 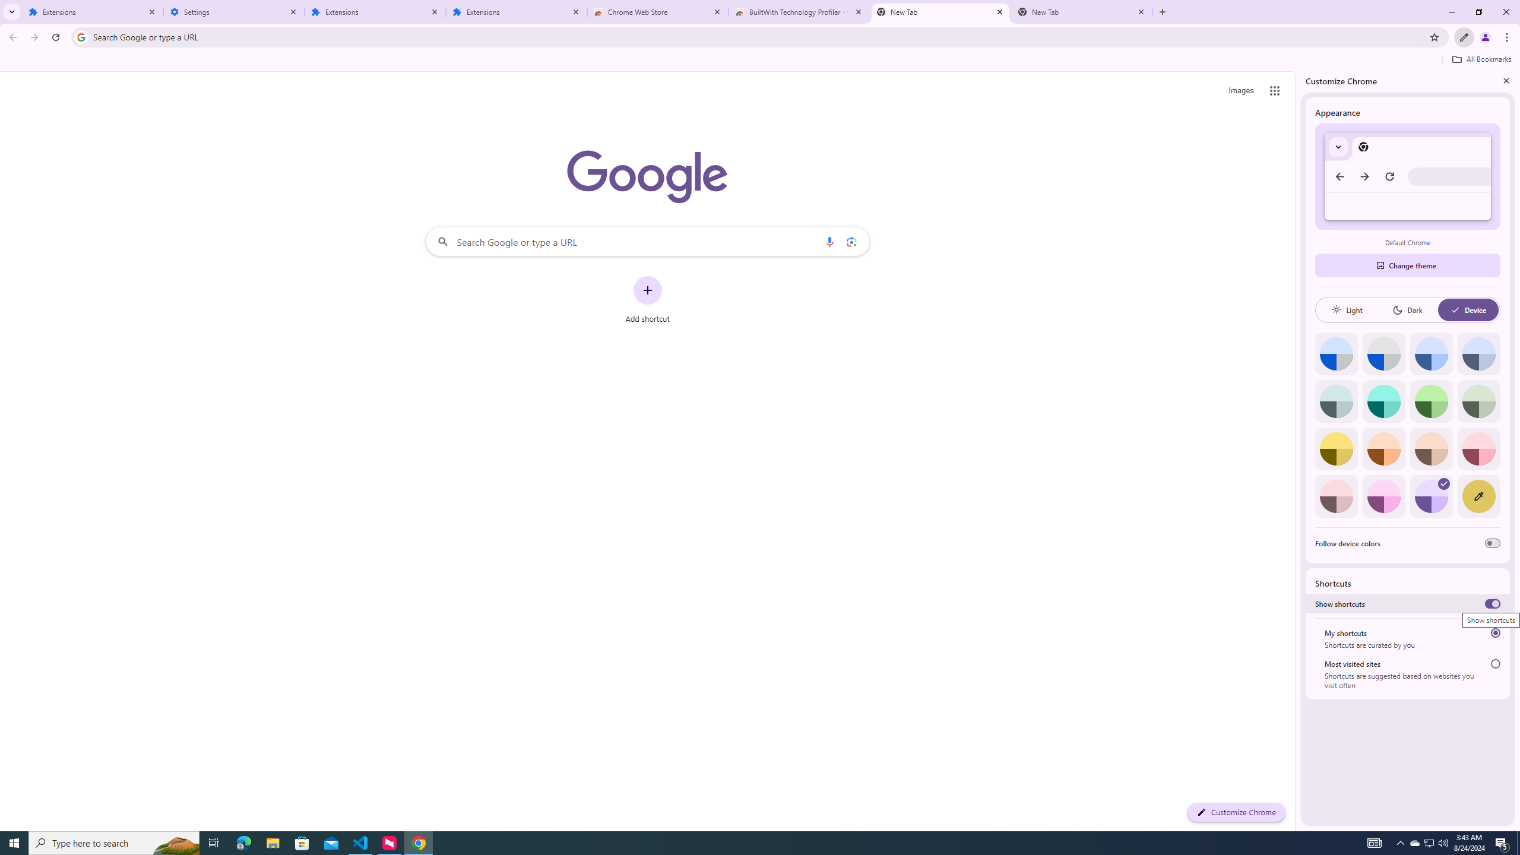 I want to click on 'New Tab', so click(x=1082, y=11).